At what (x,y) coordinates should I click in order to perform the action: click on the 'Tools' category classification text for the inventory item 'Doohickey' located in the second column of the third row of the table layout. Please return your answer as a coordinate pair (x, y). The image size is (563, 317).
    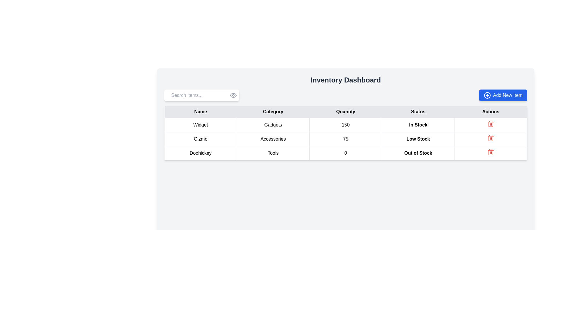
    Looking at the image, I should click on (273, 153).